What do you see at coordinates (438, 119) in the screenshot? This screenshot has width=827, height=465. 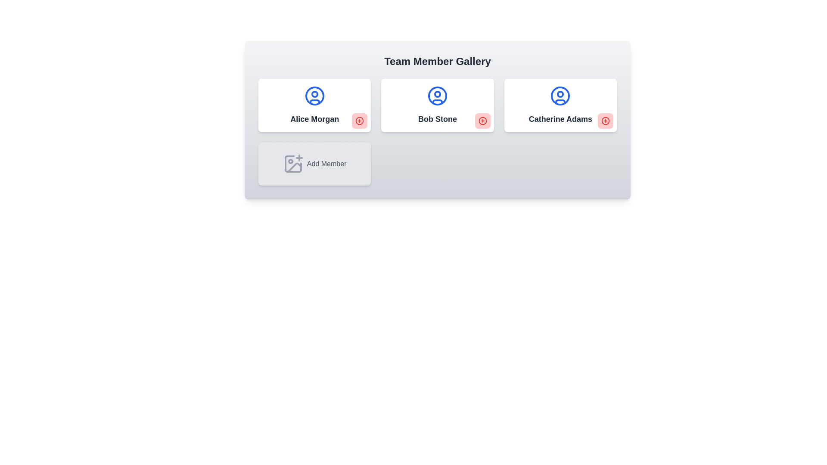 I see `the text label identifying the name of the team member, which is located in the center card of a horizontally-aligned row of three cards, positioned below the round user icon and above the action button` at bounding box center [438, 119].